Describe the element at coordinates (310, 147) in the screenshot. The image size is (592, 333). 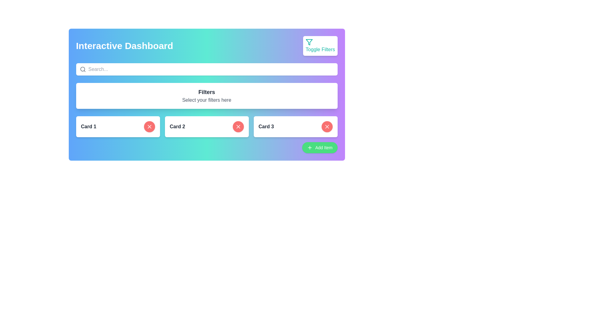
I see `the white plus icon on a green circular background next to the 'Add Item' text` at that location.